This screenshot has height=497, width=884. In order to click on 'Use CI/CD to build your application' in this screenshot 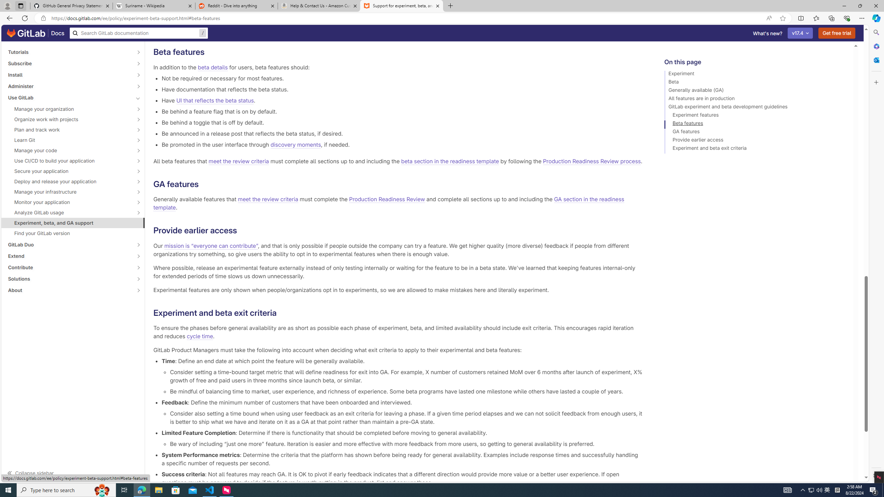, I will do `click(69, 160)`.